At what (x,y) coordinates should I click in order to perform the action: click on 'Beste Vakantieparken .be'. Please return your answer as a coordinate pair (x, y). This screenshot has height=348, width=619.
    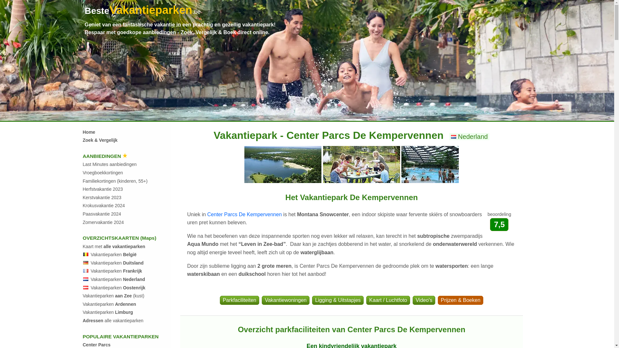
    Looking at the image, I should click on (142, 14).